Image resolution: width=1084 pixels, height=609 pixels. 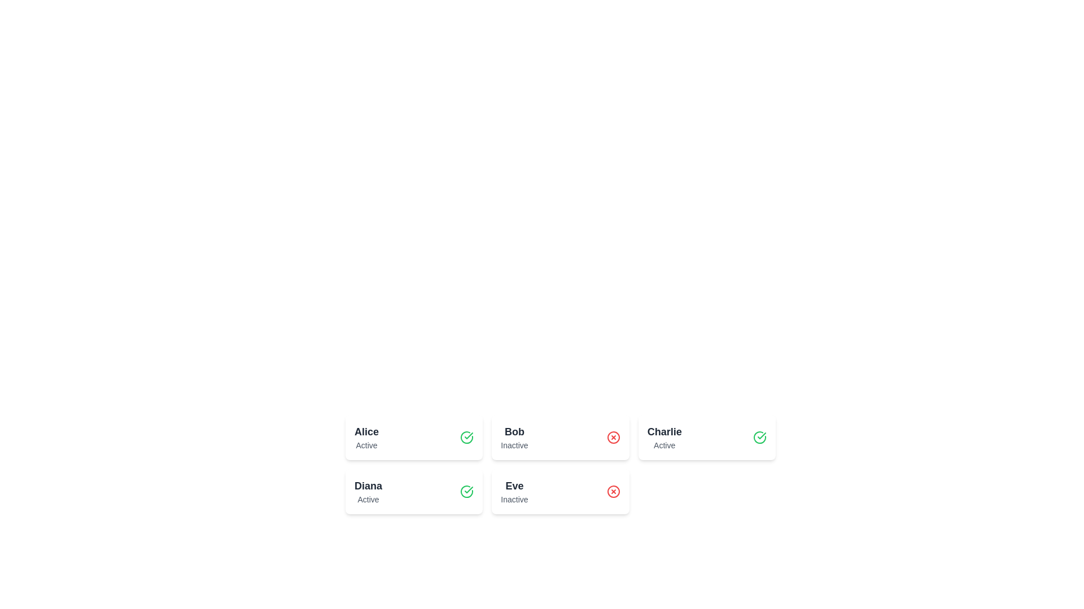 I want to click on the card displaying the user 'Charlie' with status 'Active' in the top-right area of the grid view, so click(x=665, y=436).